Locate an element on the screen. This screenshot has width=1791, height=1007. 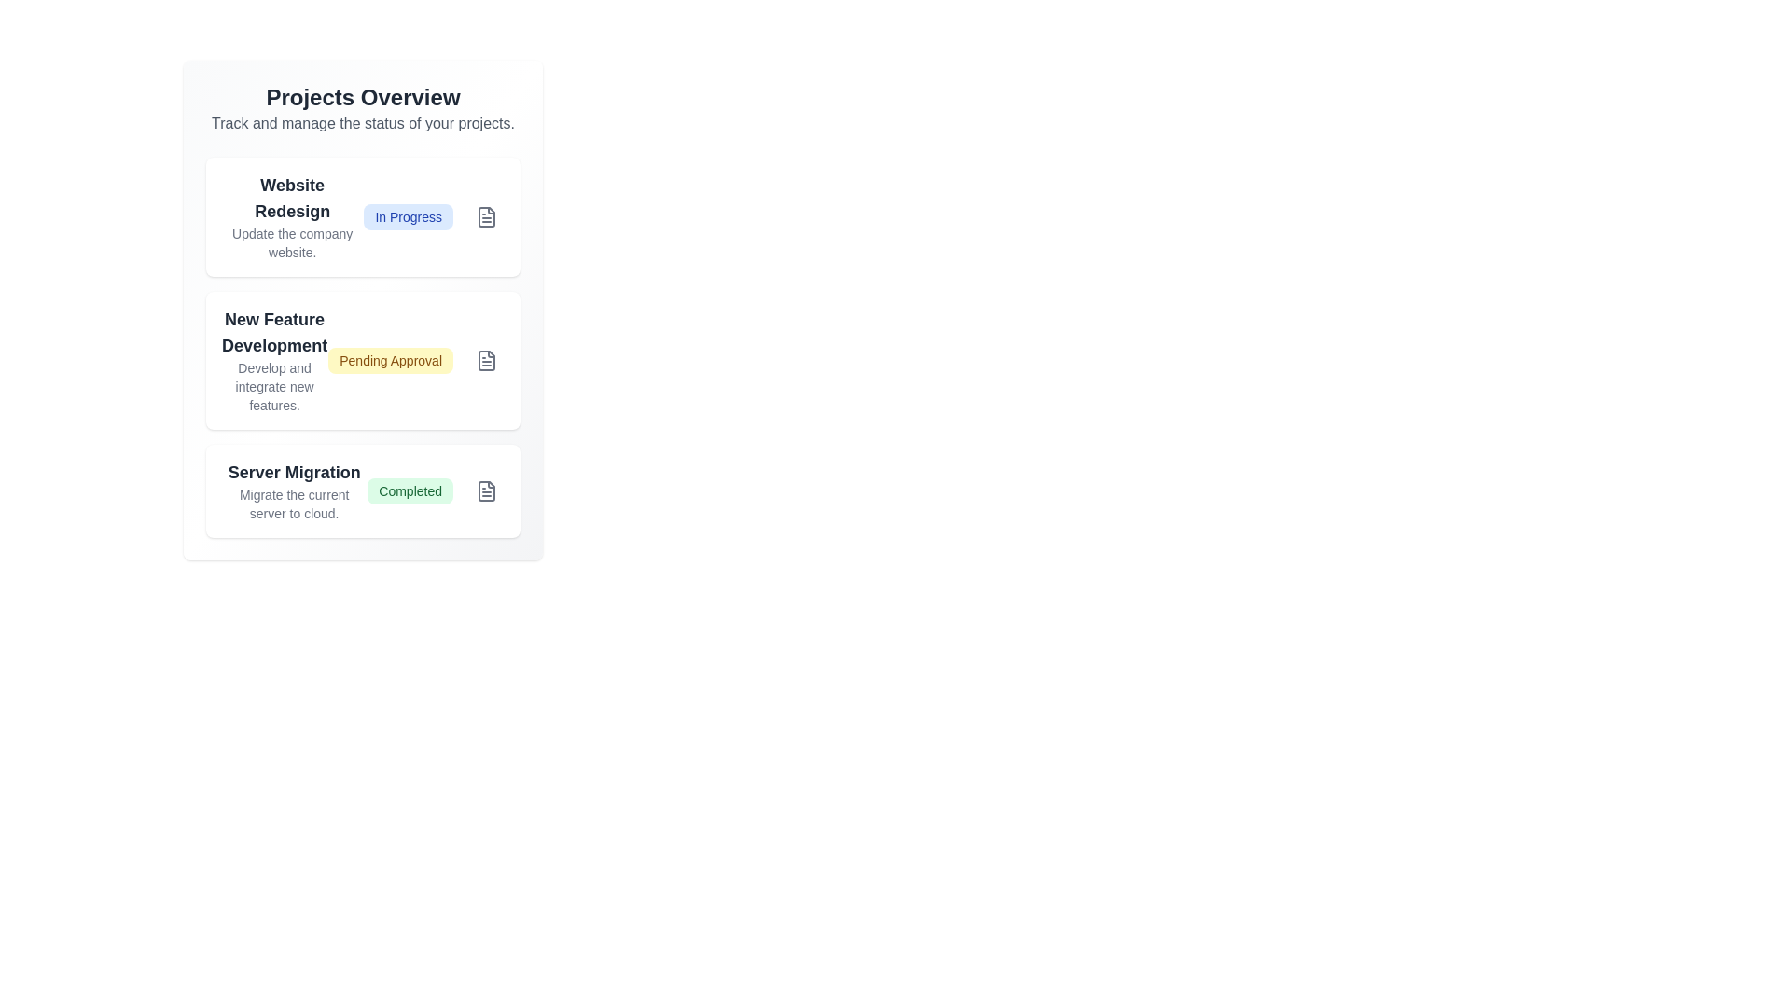
the icon button associated with the project named Website Redesign is located at coordinates (487, 215).